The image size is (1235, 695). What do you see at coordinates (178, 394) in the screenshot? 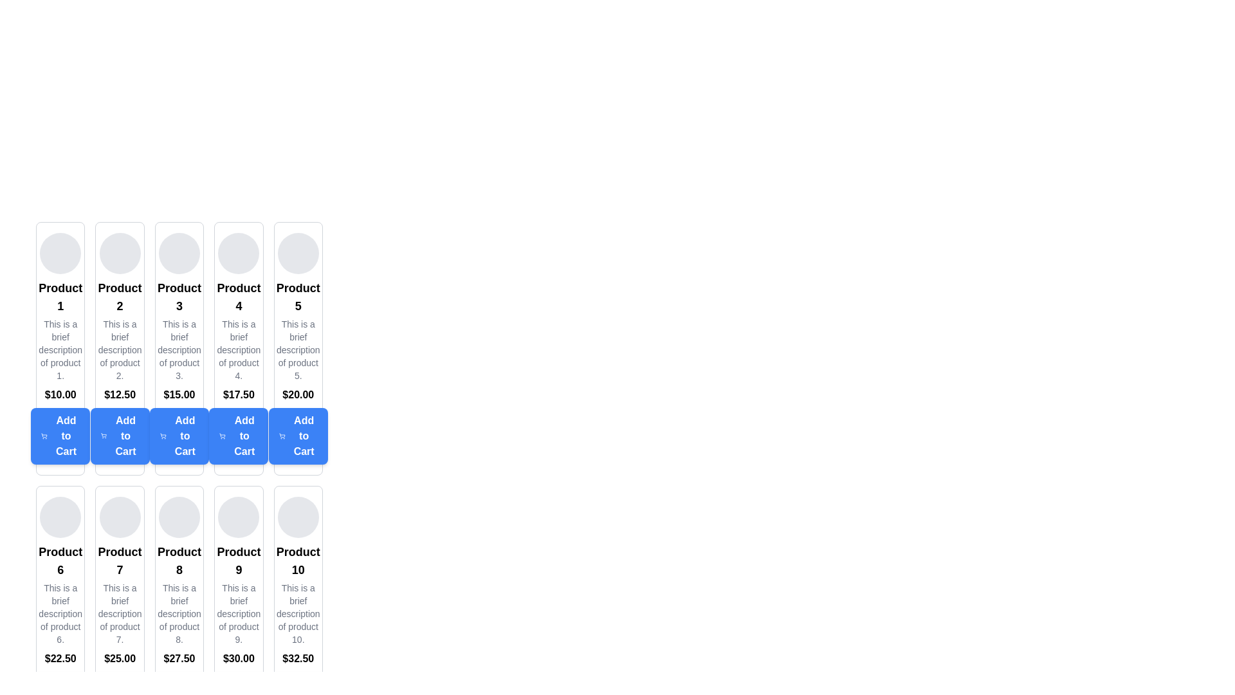
I see `the text label that displays the price of 'Product 3', located between the product description and the 'Add to Cart' button` at bounding box center [178, 394].